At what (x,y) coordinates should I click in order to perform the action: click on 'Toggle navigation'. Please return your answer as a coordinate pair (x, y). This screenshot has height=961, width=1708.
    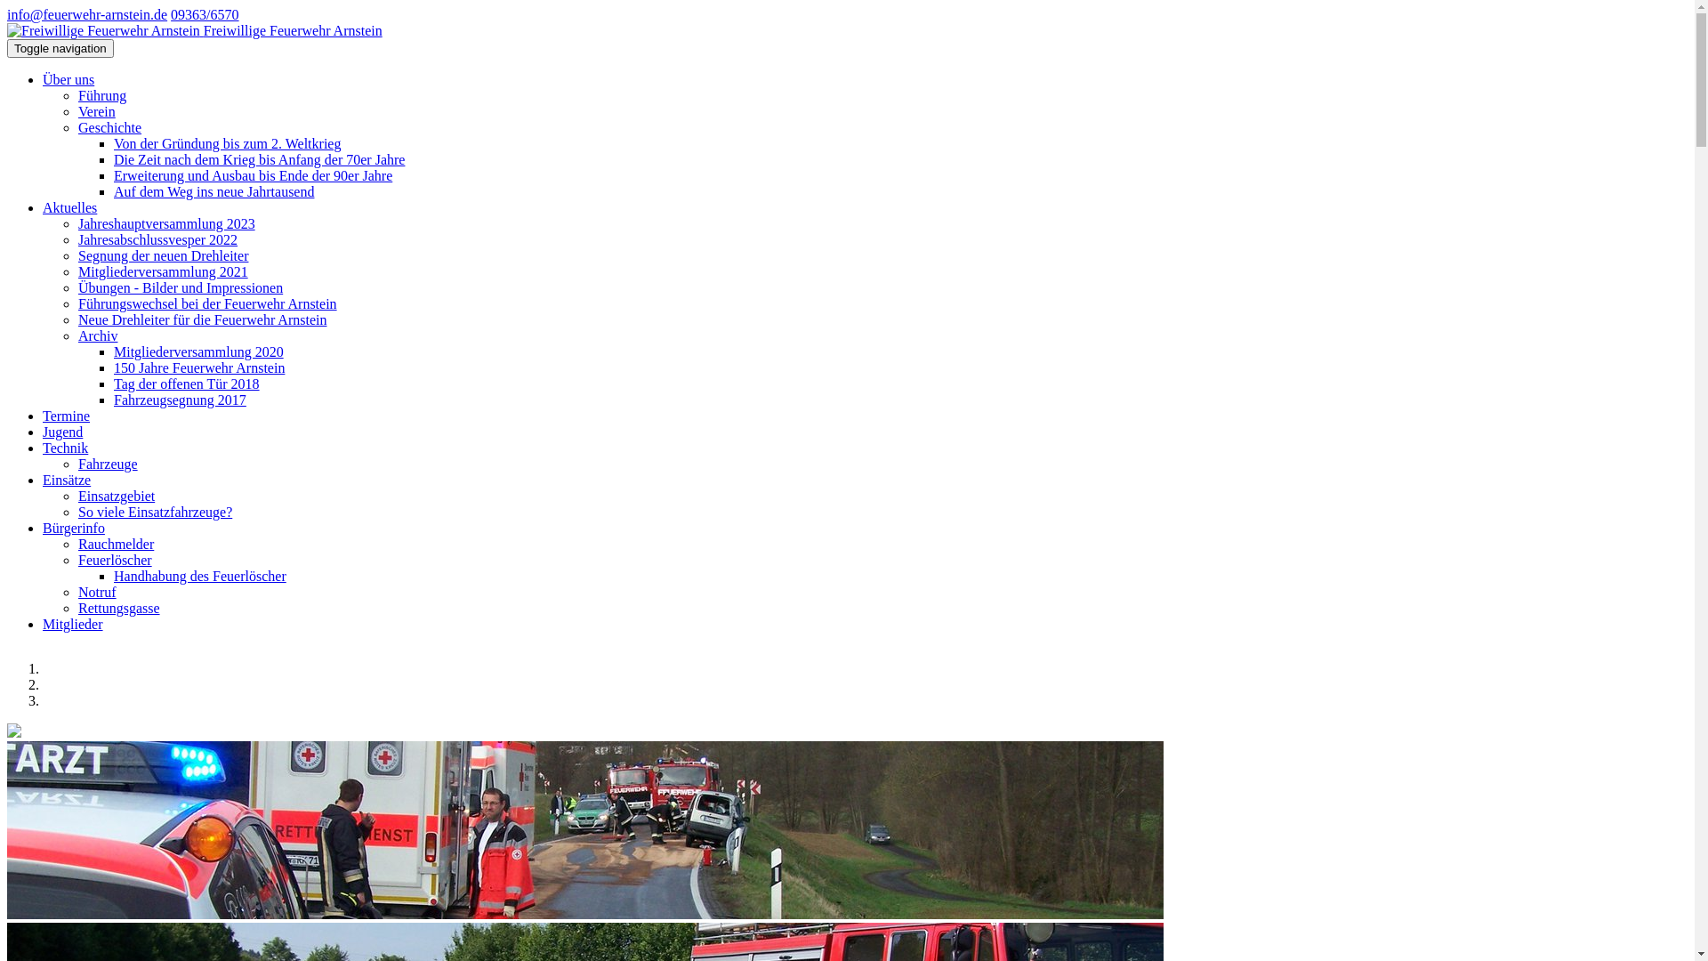
    Looking at the image, I should click on (7, 47).